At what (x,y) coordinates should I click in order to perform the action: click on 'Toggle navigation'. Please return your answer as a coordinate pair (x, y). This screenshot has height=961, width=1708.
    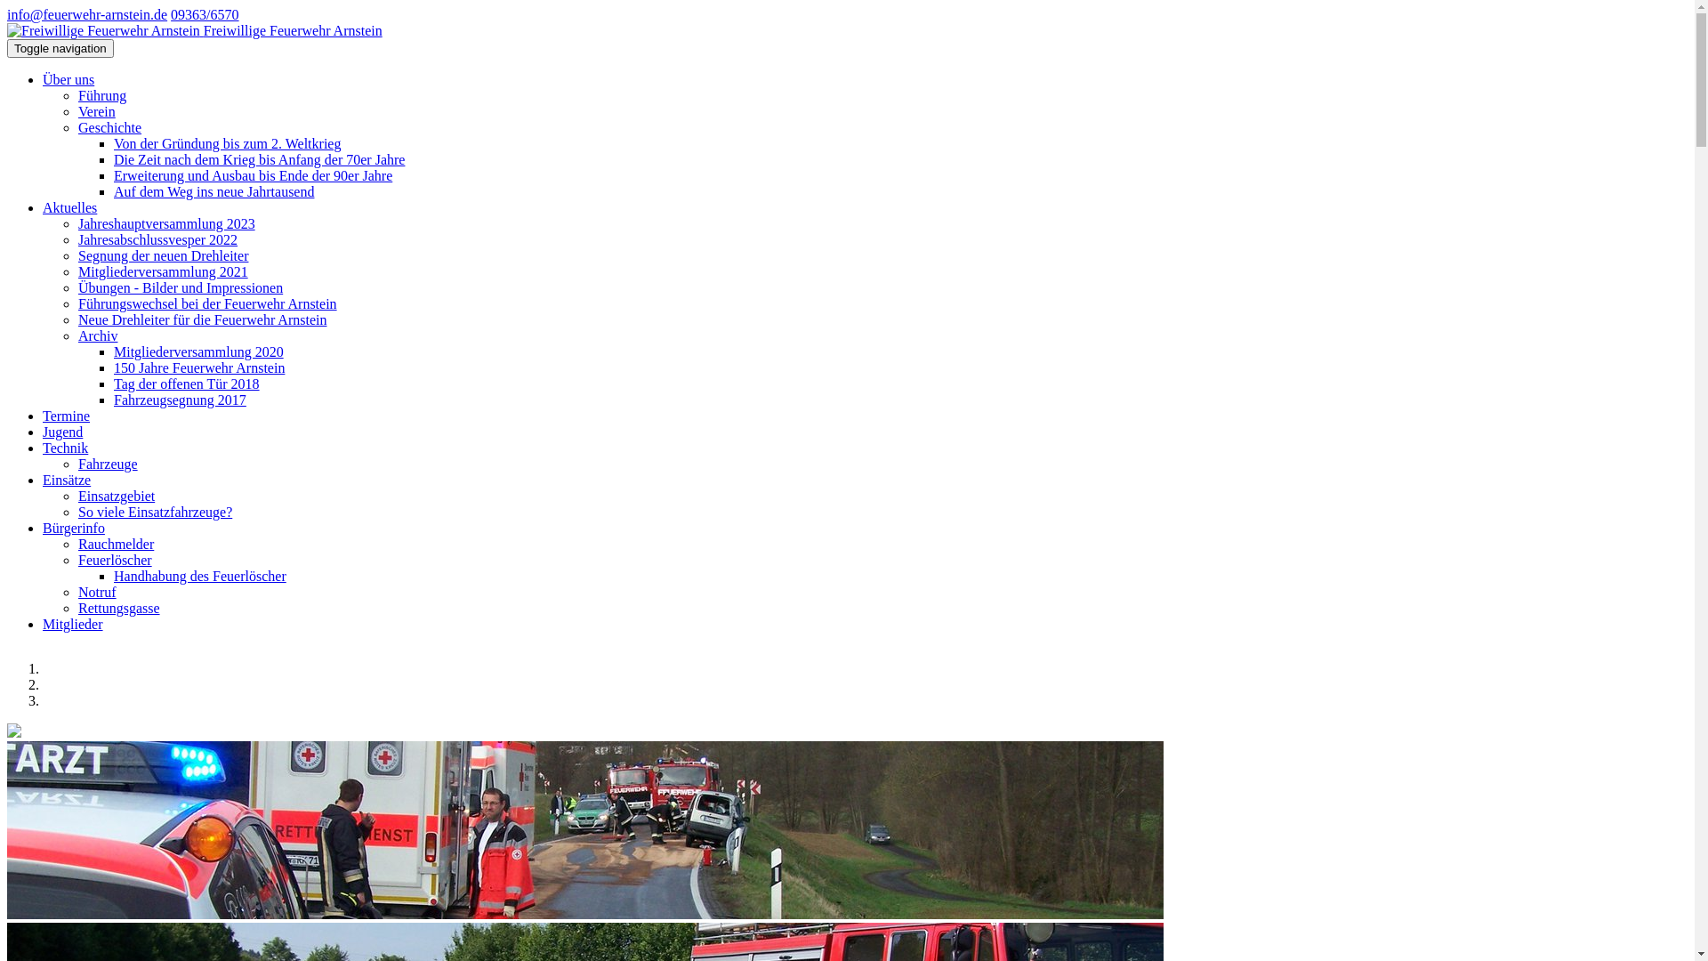
    Looking at the image, I should click on (7, 47).